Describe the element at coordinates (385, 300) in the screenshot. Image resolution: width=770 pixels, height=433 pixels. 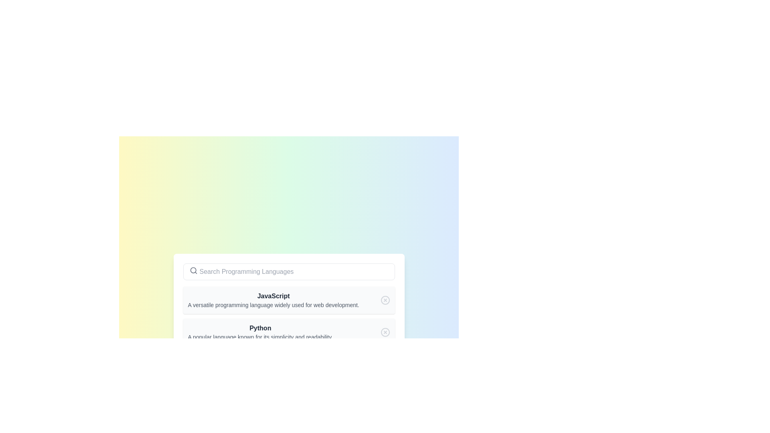
I see `the circular element representing the close function within the SVG graphic located at the top-right corner of the JavaScript language entry` at that location.